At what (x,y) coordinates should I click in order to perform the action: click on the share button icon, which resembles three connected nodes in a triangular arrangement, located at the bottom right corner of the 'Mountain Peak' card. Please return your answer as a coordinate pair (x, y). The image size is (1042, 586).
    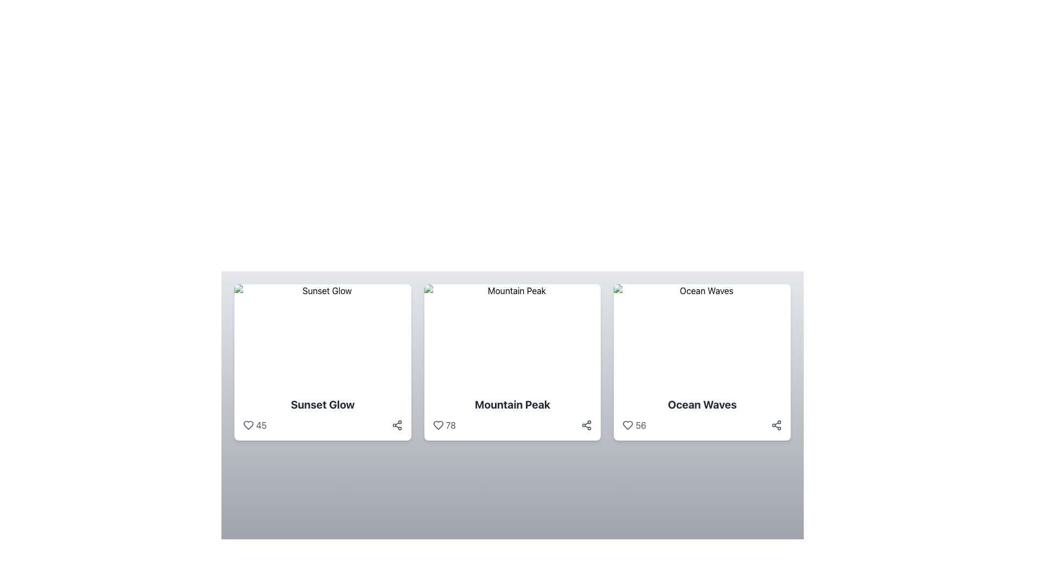
    Looking at the image, I should click on (586, 424).